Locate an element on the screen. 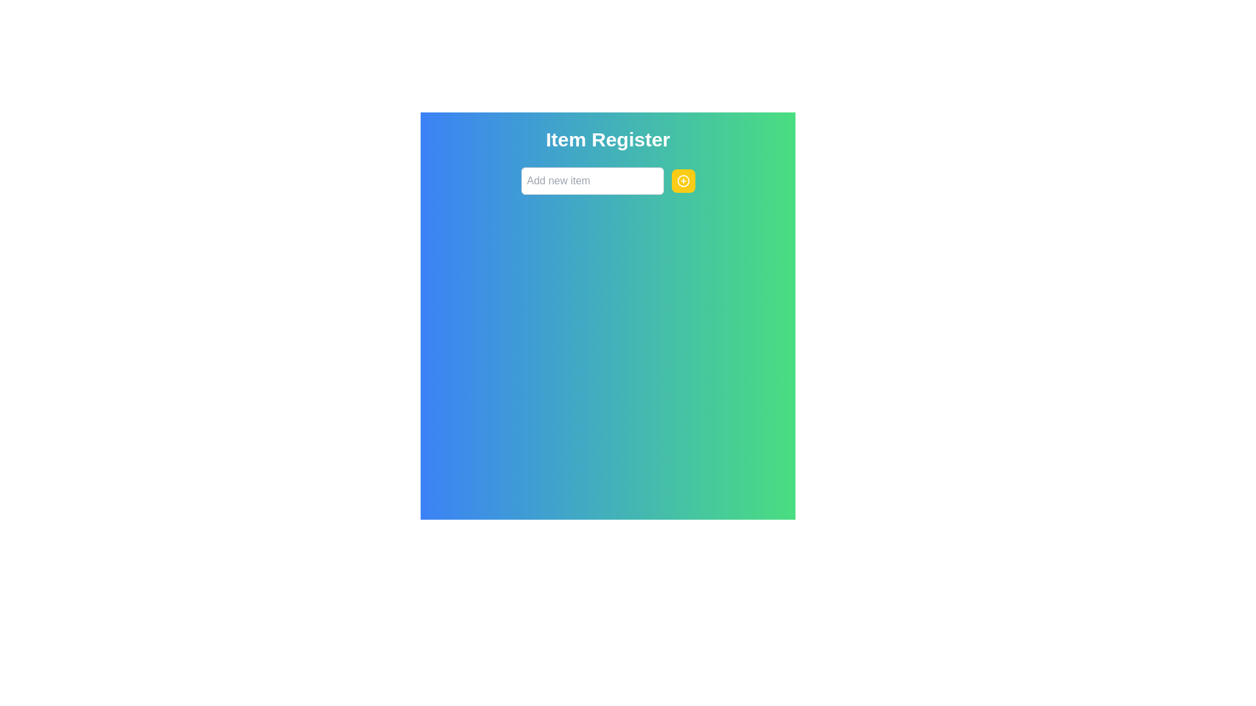 Image resolution: width=1256 pixels, height=706 pixels. the button located directly to the right of the 'Add new item' text input field is located at coordinates (682, 181).